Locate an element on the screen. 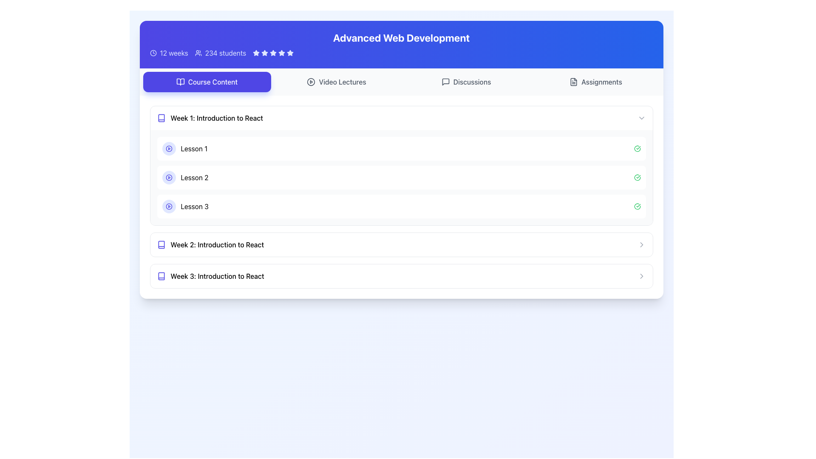 This screenshot has height=459, width=816. text label or heading at the beginning of the course content section, which serves as an identifier for the first week's materials is located at coordinates (217, 118).